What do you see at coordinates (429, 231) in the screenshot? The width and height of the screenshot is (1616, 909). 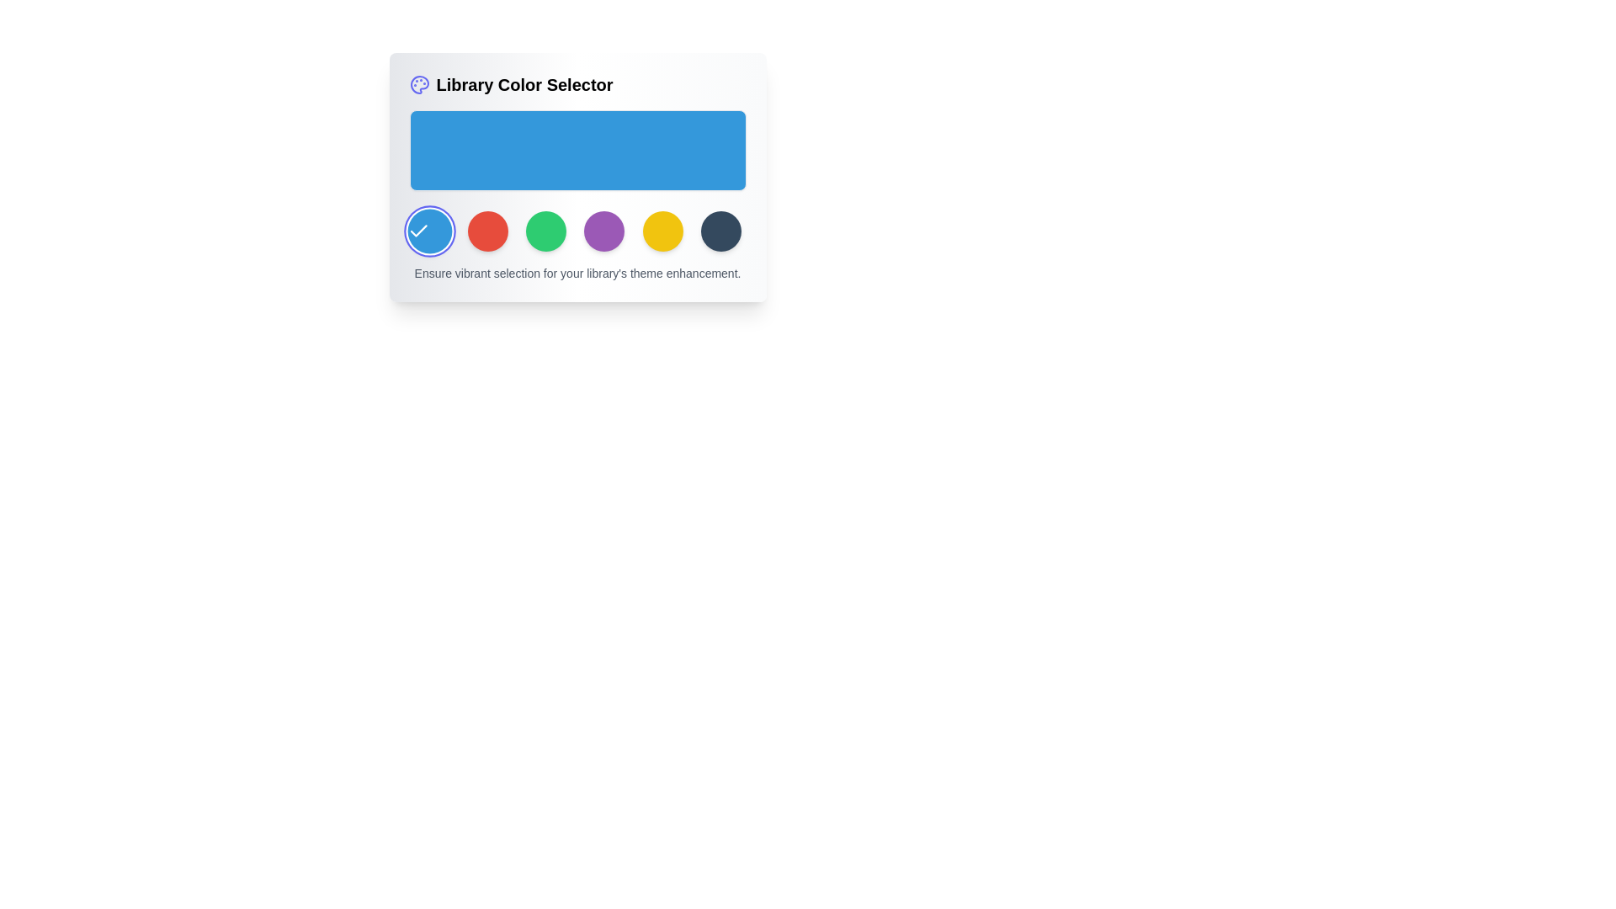 I see `the circular blue button with a white checkmark icon in the 'Library Color Selector' section` at bounding box center [429, 231].